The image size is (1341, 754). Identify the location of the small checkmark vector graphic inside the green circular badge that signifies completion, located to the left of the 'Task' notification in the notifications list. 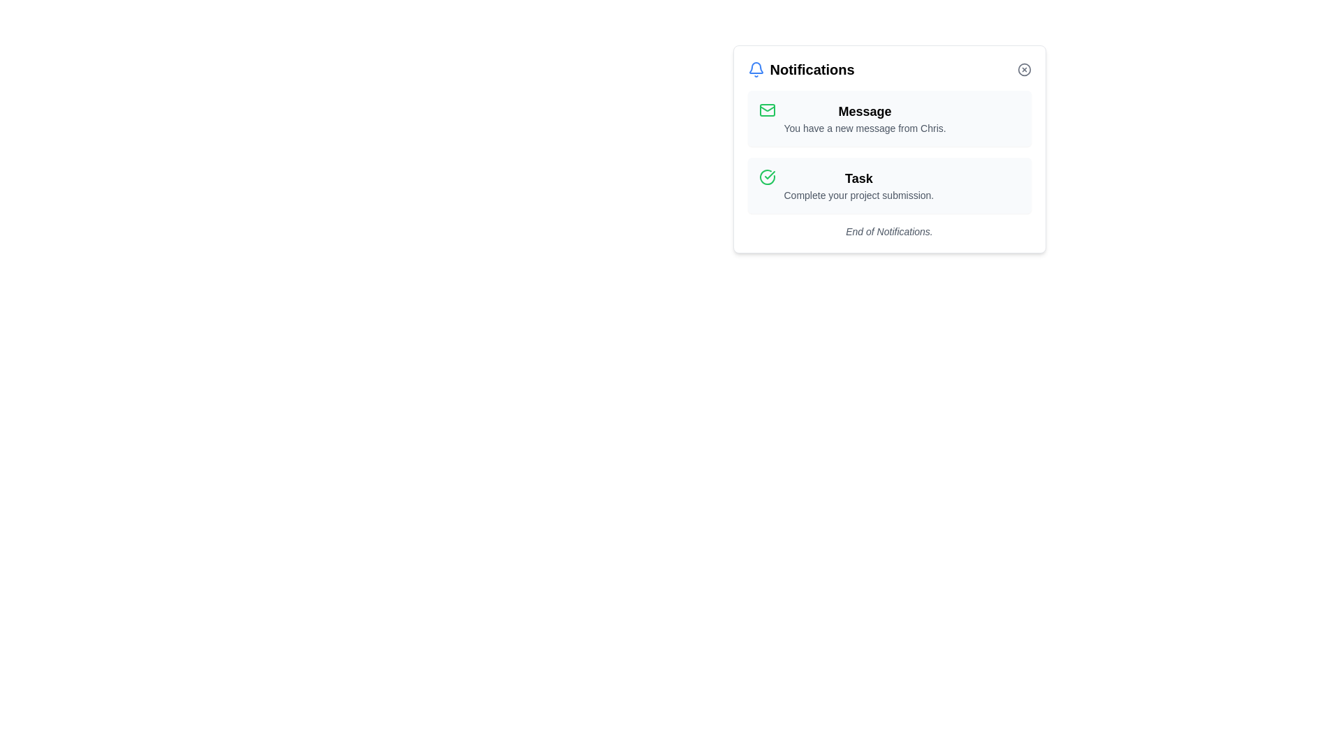
(769, 174).